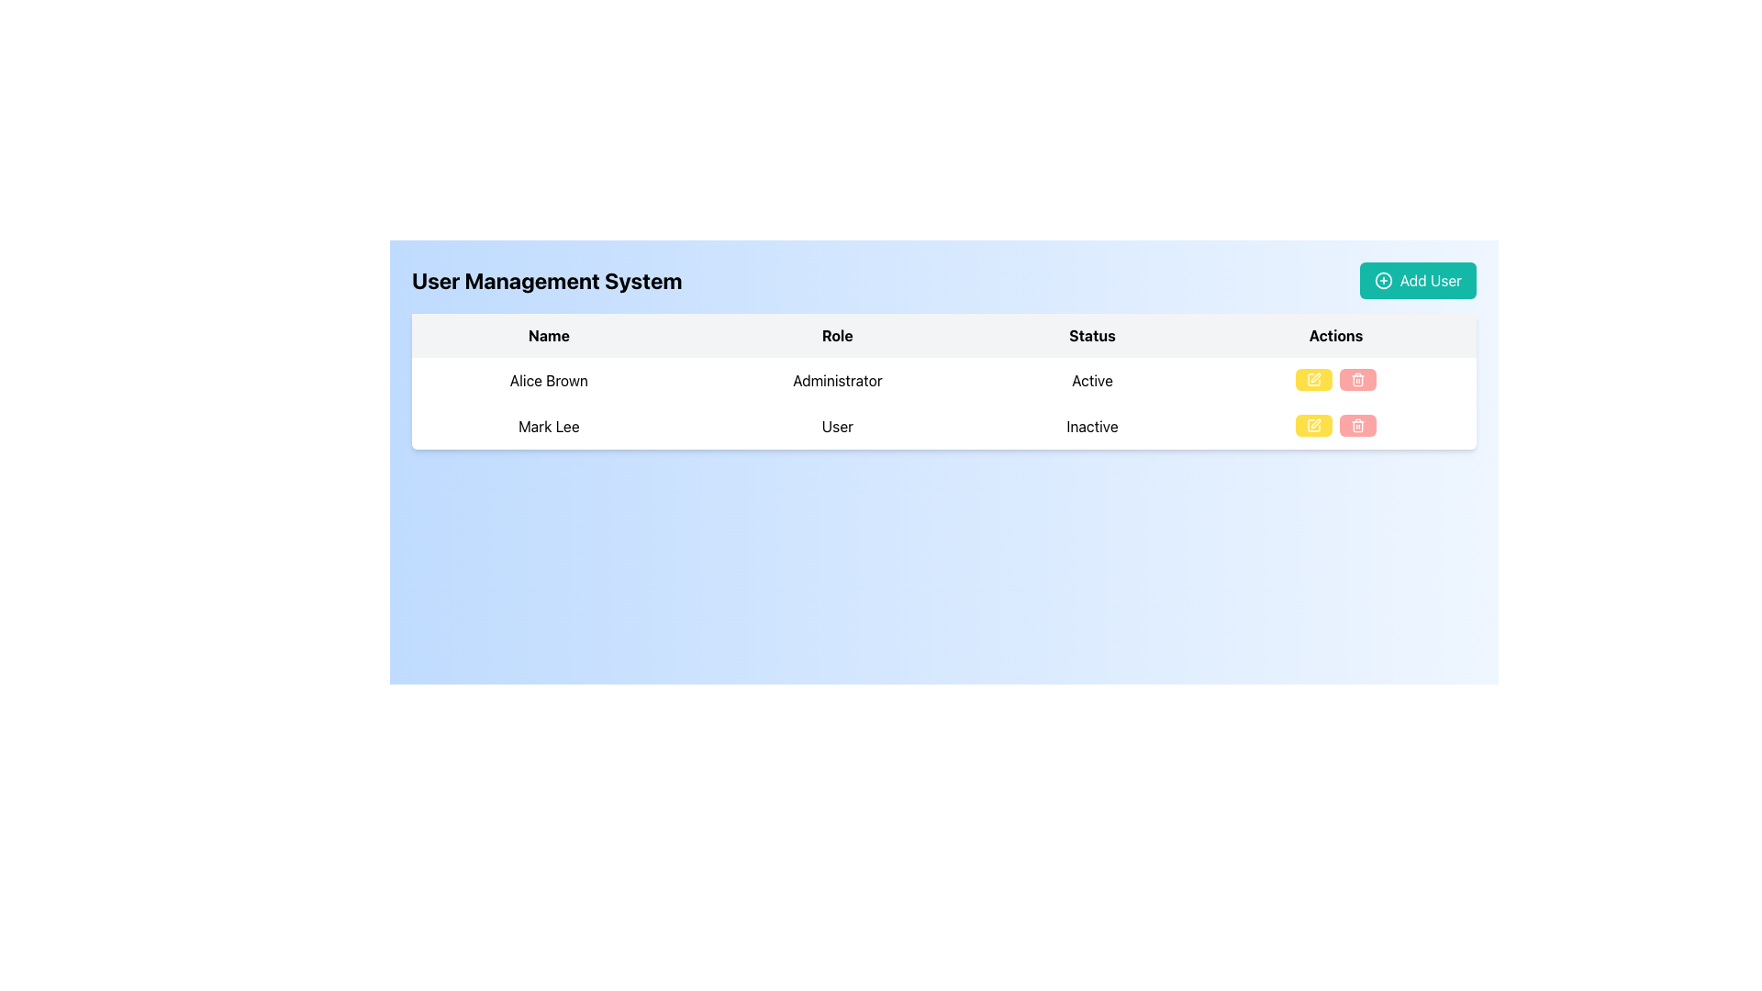 This screenshot has width=1762, height=991. I want to click on the yellow rounded button with a pen icon located in the 'Actions' column of the first row, so click(1312, 378).